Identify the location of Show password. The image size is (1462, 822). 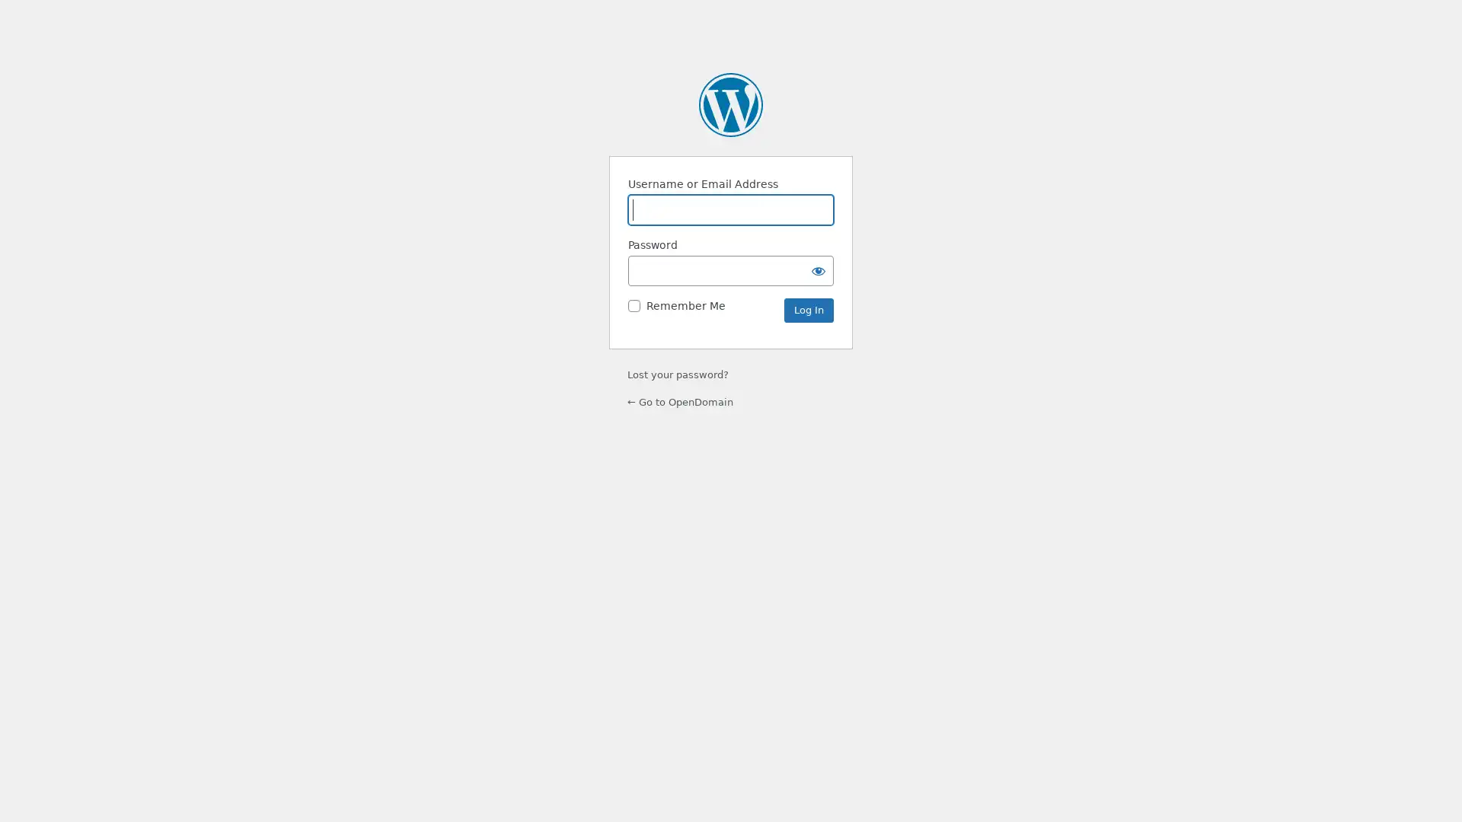
(818, 269).